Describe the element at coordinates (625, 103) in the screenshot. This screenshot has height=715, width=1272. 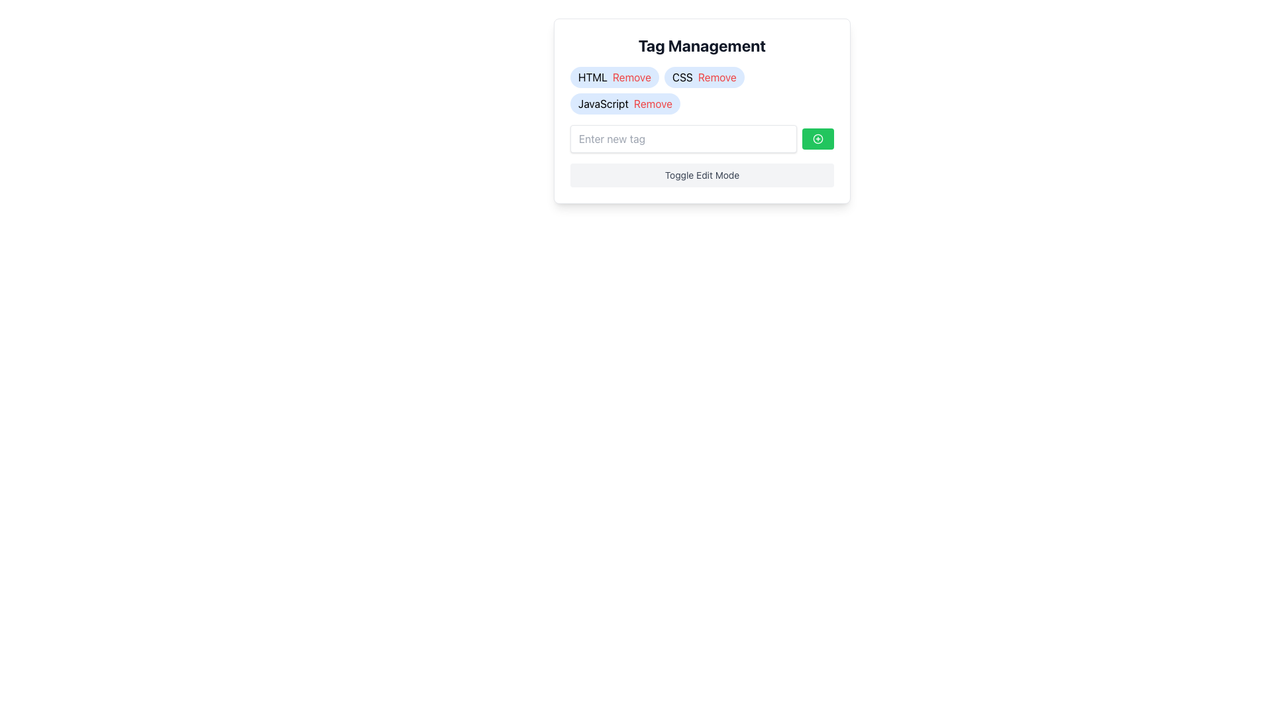
I see `the 'JavaScript' tag which has a red 'Remove' button adjacent to it, located under the 'Tag Management' header as the third tag in the group` at that location.